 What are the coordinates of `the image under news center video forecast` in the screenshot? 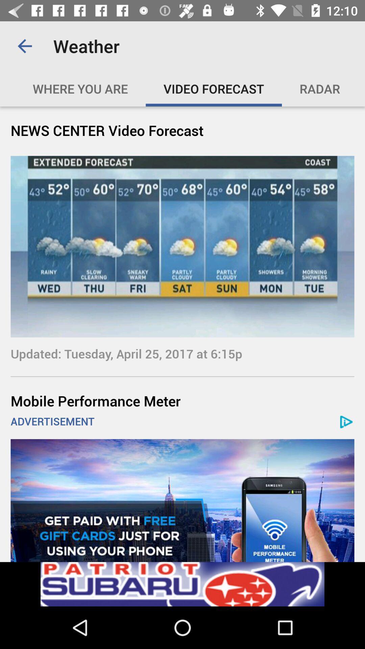 It's located at (182, 246).